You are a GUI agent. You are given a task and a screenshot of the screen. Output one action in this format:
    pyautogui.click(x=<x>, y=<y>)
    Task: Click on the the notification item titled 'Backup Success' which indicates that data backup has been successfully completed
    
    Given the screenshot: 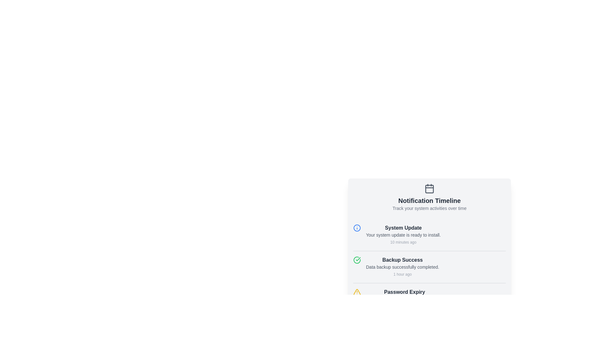 What is the action you would take?
    pyautogui.click(x=430, y=267)
    